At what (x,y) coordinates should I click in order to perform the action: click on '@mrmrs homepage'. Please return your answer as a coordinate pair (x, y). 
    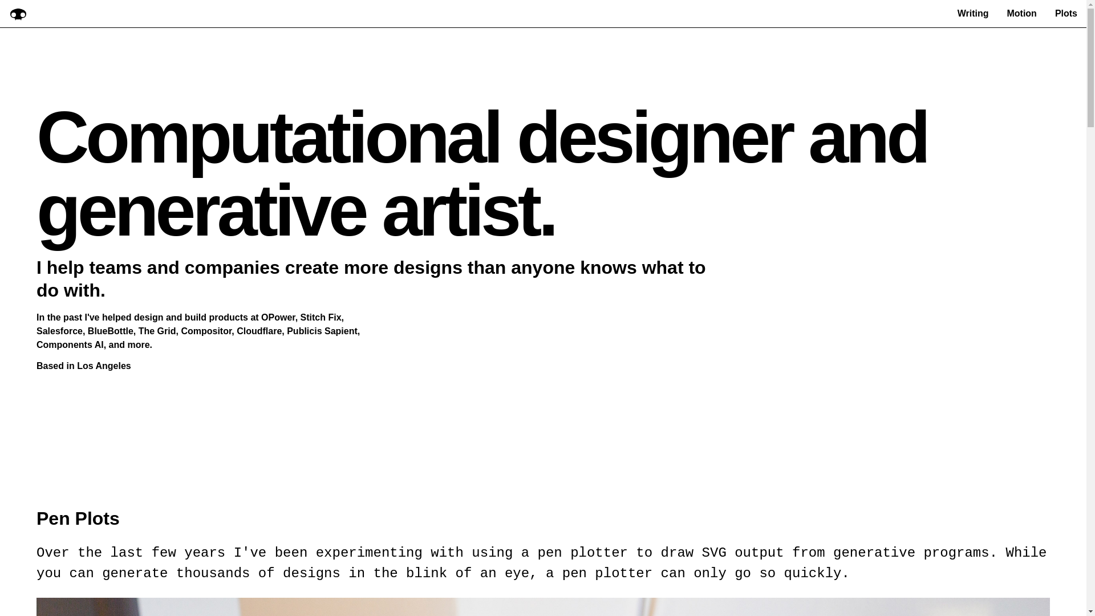
    Looking at the image, I should click on (18, 13).